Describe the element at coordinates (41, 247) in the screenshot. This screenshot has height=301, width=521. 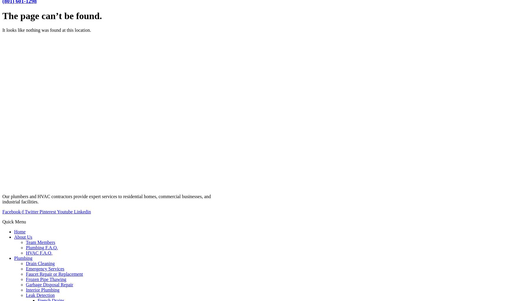
I see `'Plumbing F.A.Q.'` at that location.